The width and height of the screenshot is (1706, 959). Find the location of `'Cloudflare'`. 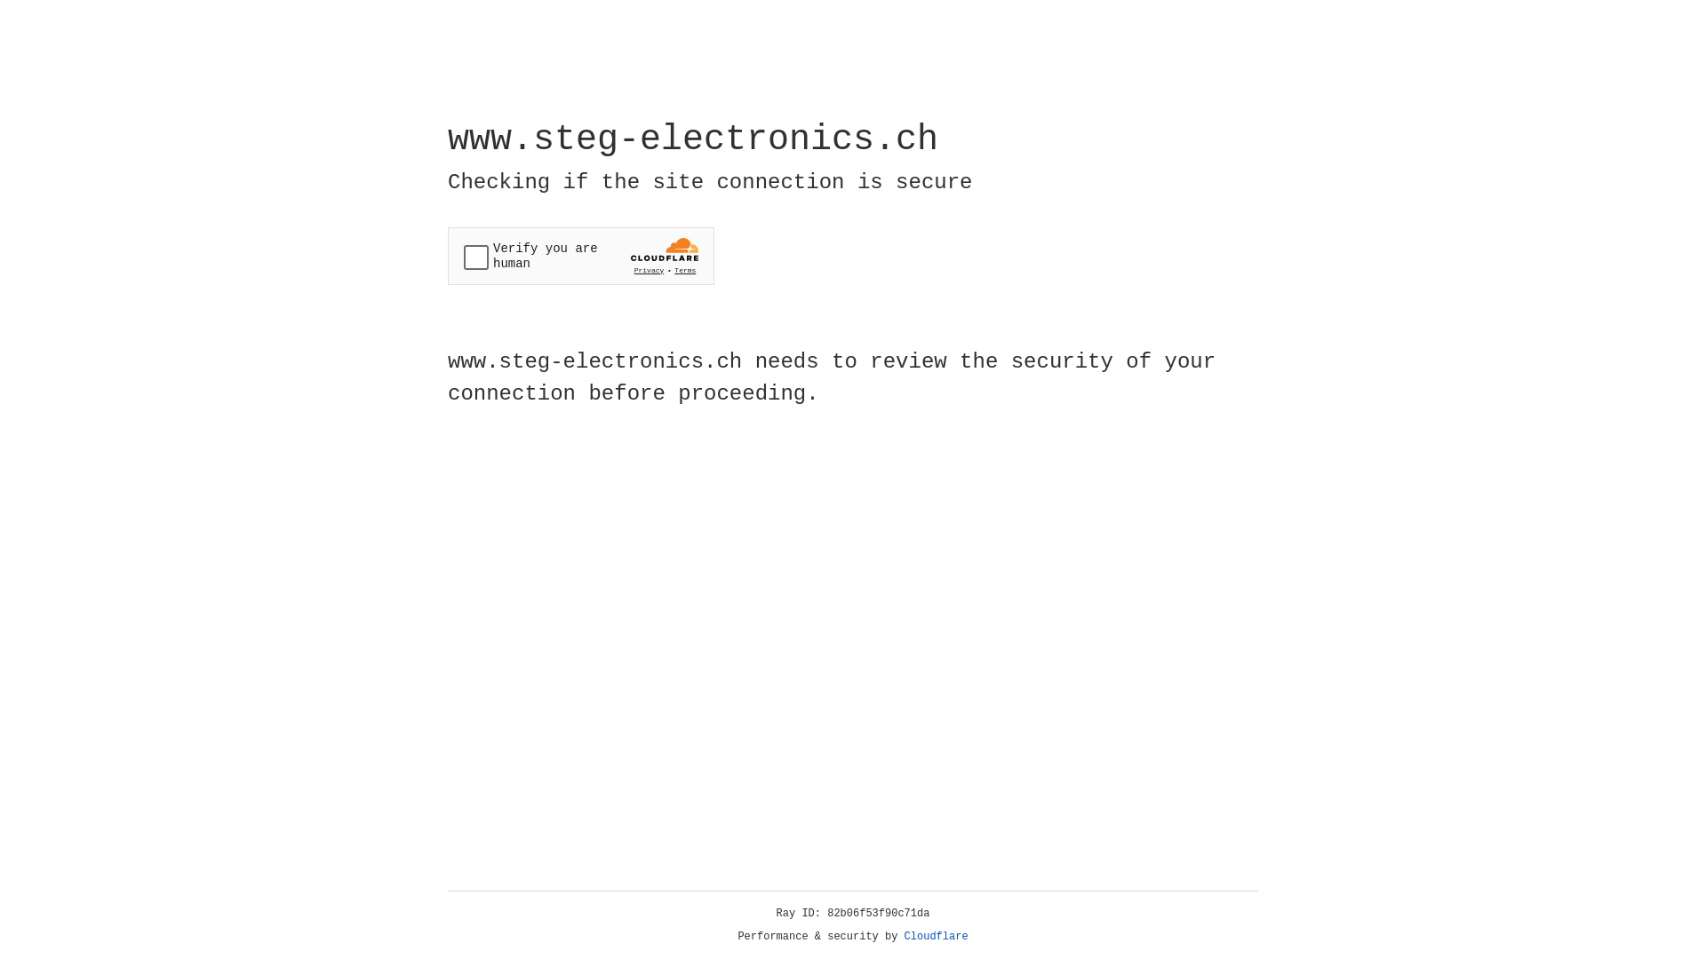

'Cloudflare' is located at coordinates (936, 936).